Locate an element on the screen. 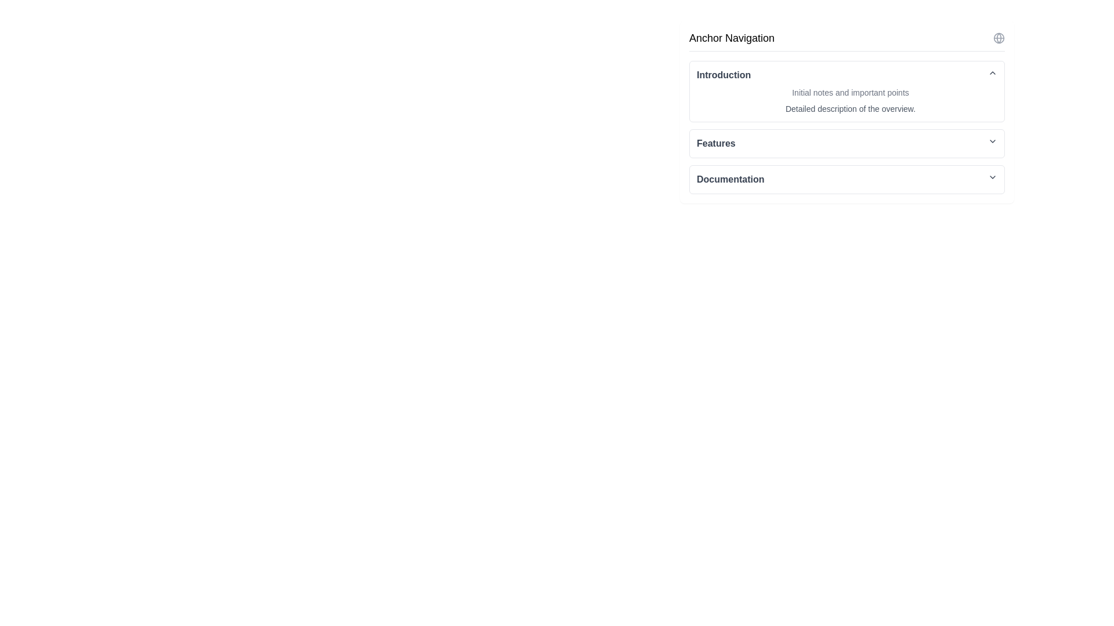  the globe-shaped icon that symbolizes global or internet-related content, located in the top-right corner of its section, next to the 'Anchor Navigation' title is located at coordinates (999, 37).